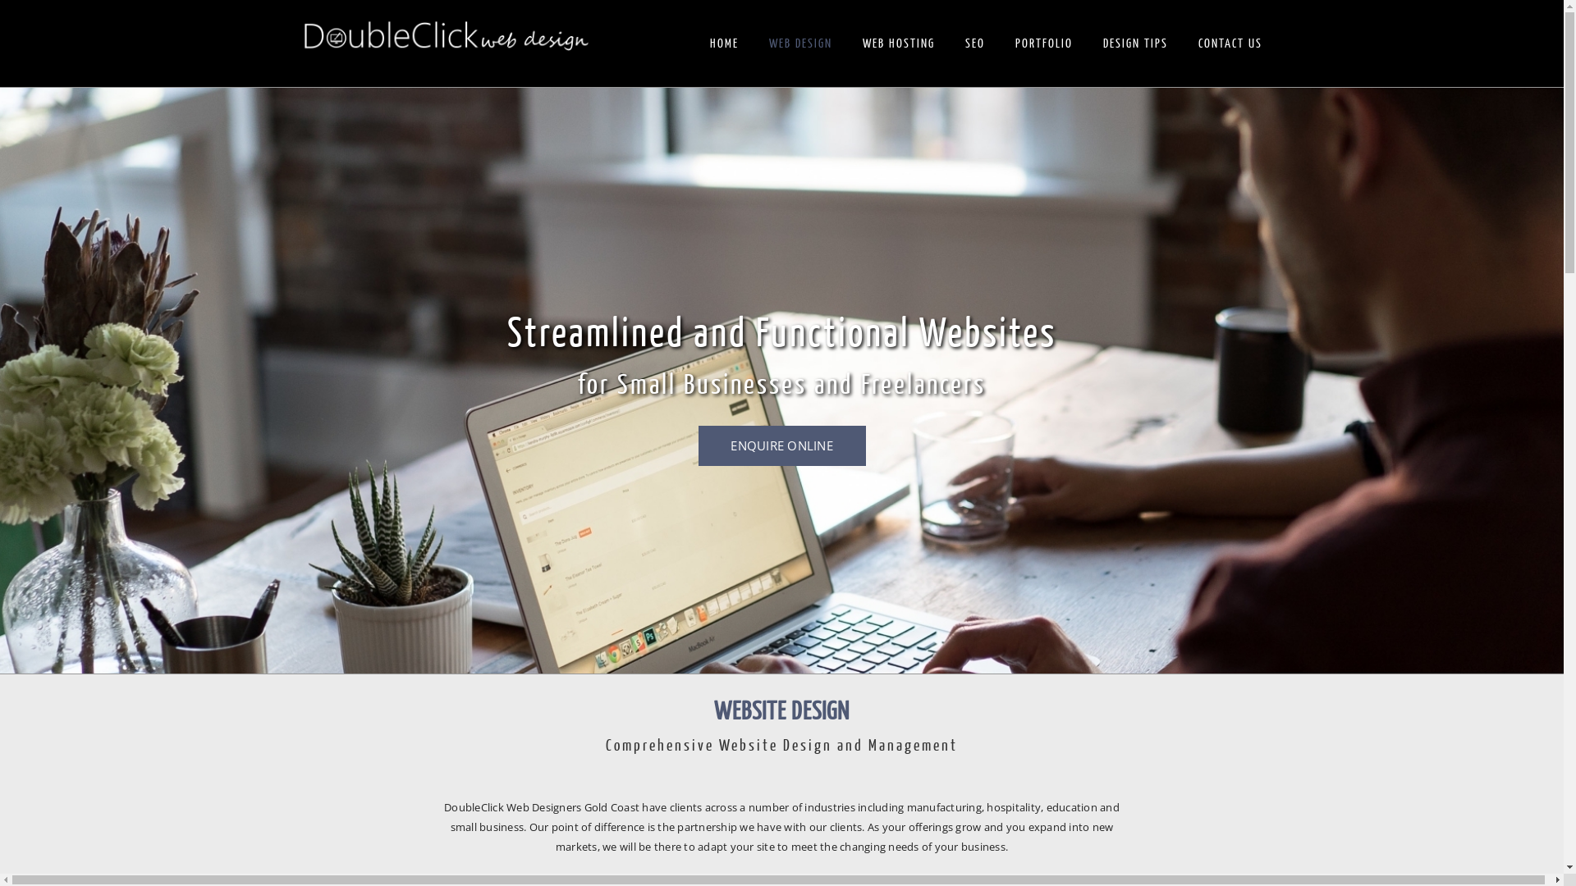 This screenshot has height=886, width=1576. What do you see at coordinates (975, 43) in the screenshot?
I see `'SEO'` at bounding box center [975, 43].